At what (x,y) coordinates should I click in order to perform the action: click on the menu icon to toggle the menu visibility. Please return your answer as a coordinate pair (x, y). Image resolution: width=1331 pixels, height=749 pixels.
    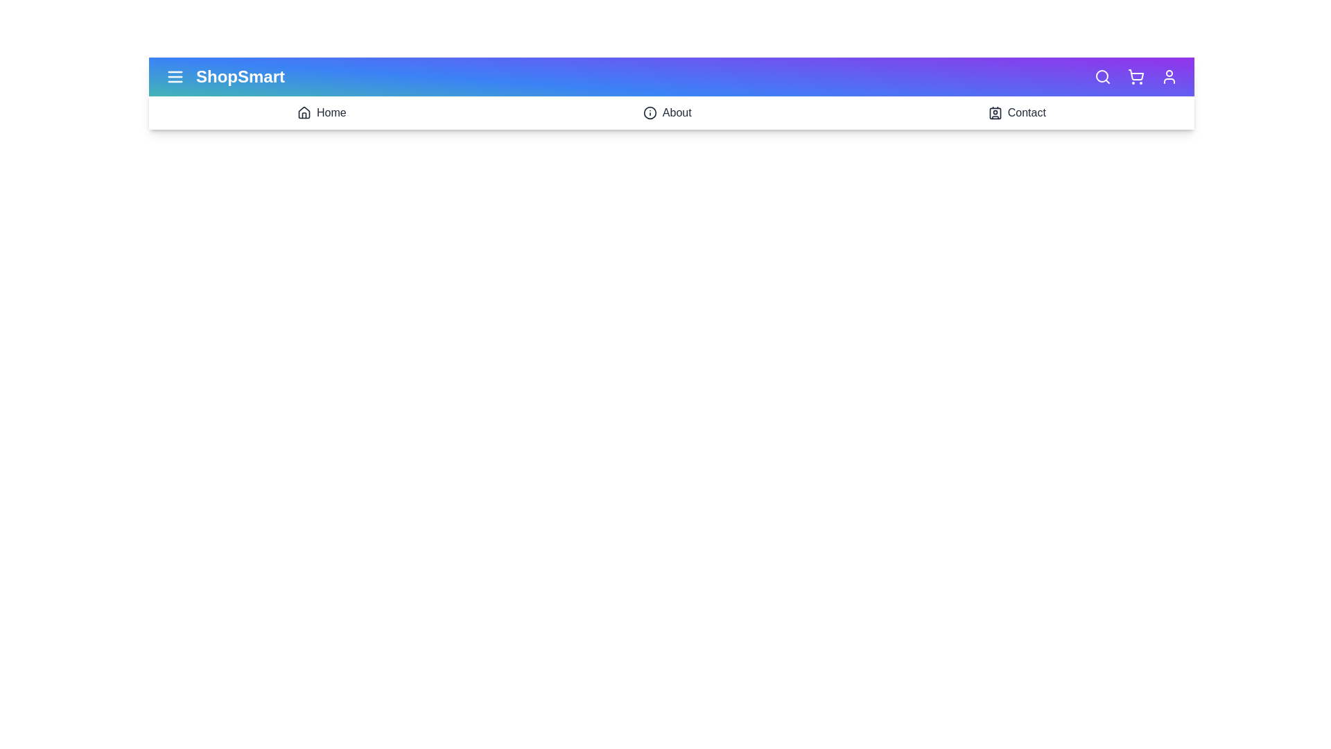
    Looking at the image, I should click on (175, 77).